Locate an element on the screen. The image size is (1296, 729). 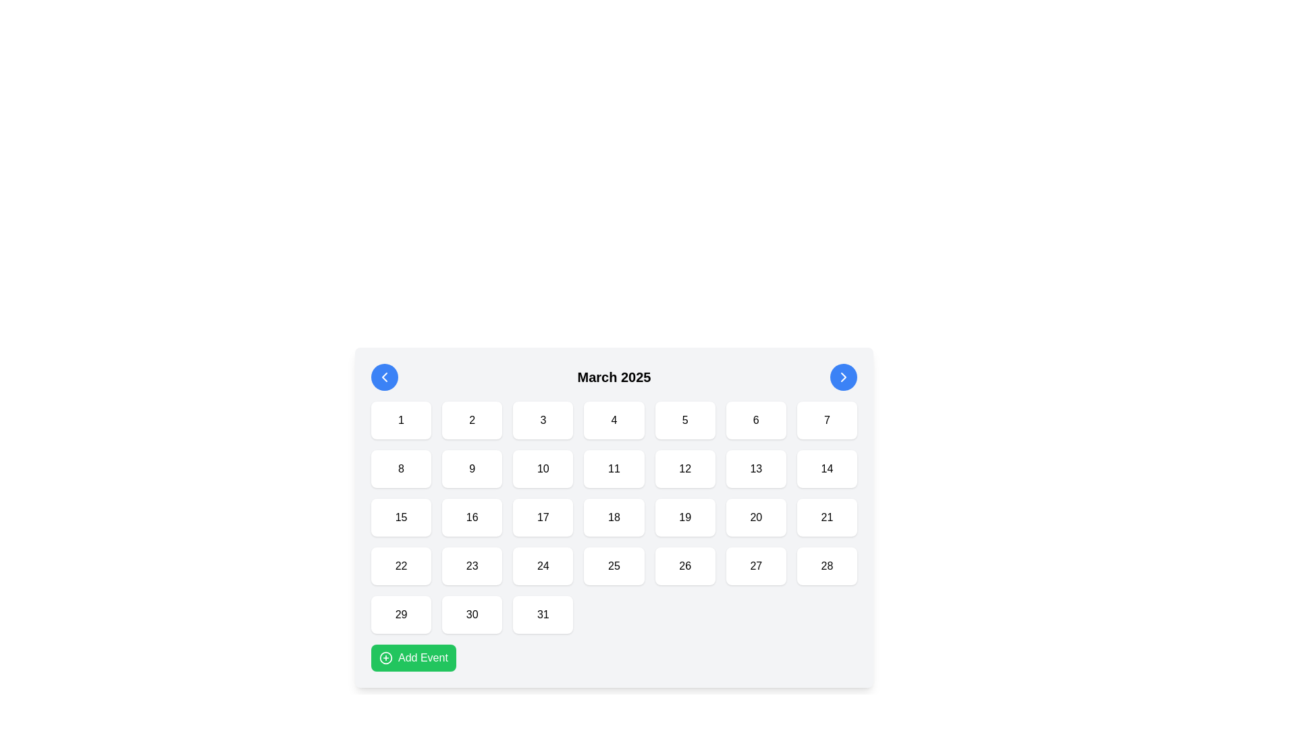
the icon indicating an addition action that is part of the 'Add Event' button located at the bottom left of the page is located at coordinates (385, 657).